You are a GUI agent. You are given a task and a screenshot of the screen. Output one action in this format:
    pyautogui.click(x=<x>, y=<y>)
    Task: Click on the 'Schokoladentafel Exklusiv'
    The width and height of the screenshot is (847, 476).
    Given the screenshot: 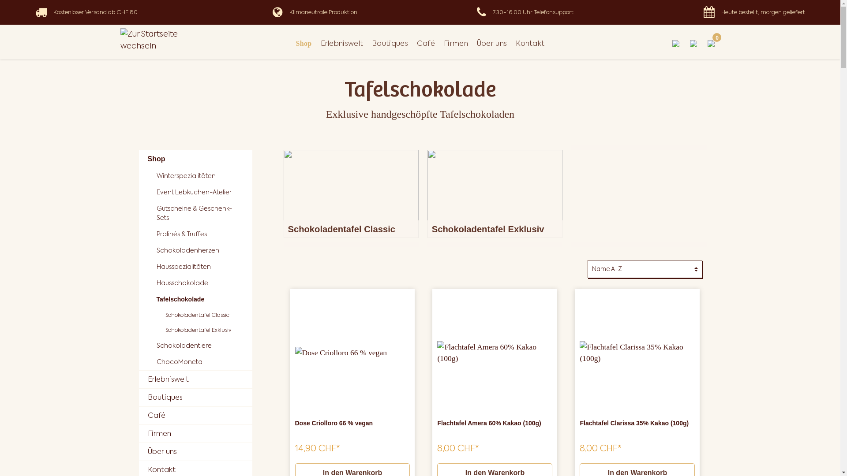 What is the action you would take?
    pyautogui.click(x=495, y=193)
    